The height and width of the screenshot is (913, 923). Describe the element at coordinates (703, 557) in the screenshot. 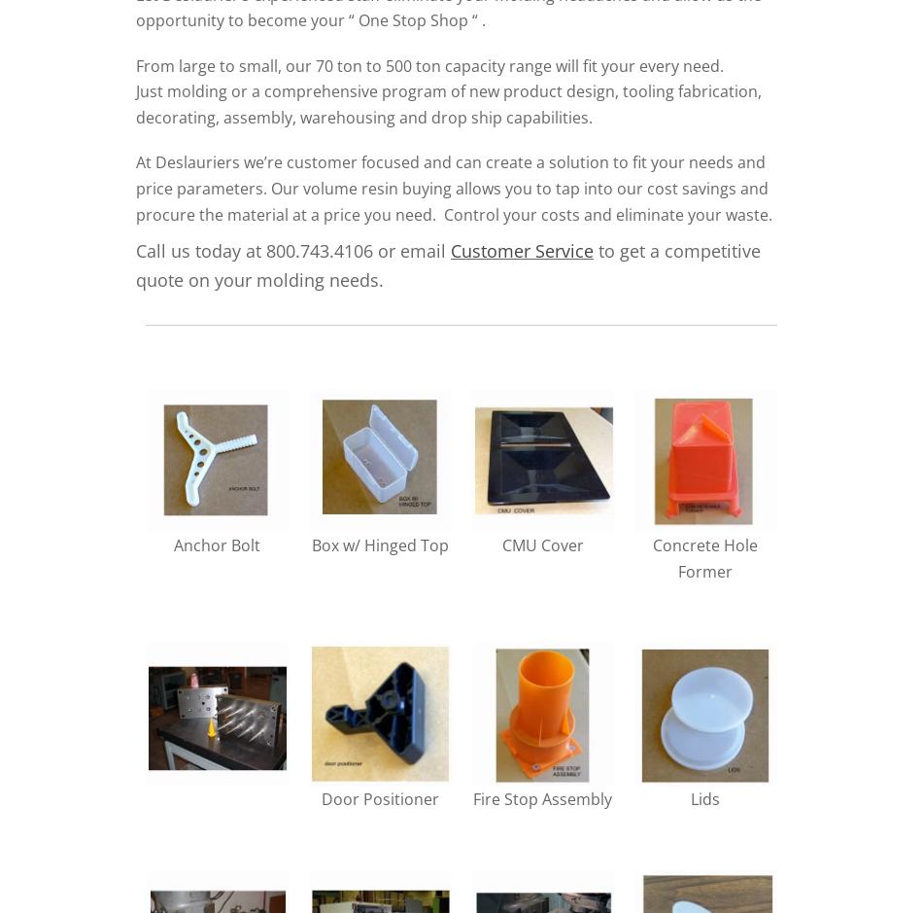

I see `'Concrete Hole Former'` at that location.